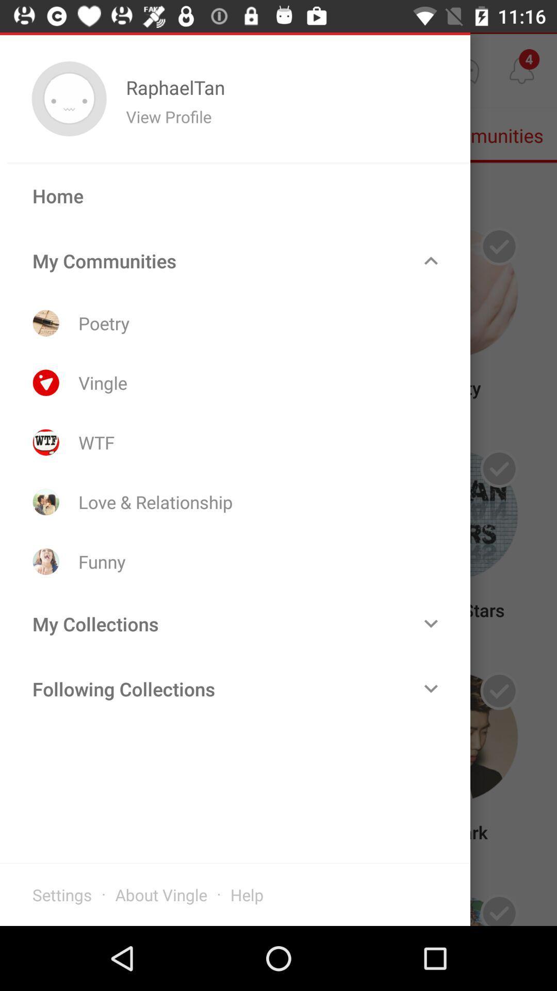 The image size is (557, 991). What do you see at coordinates (521, 70) in the screenshot?
I see `the notifications icon` at bounding box center [521, 70].